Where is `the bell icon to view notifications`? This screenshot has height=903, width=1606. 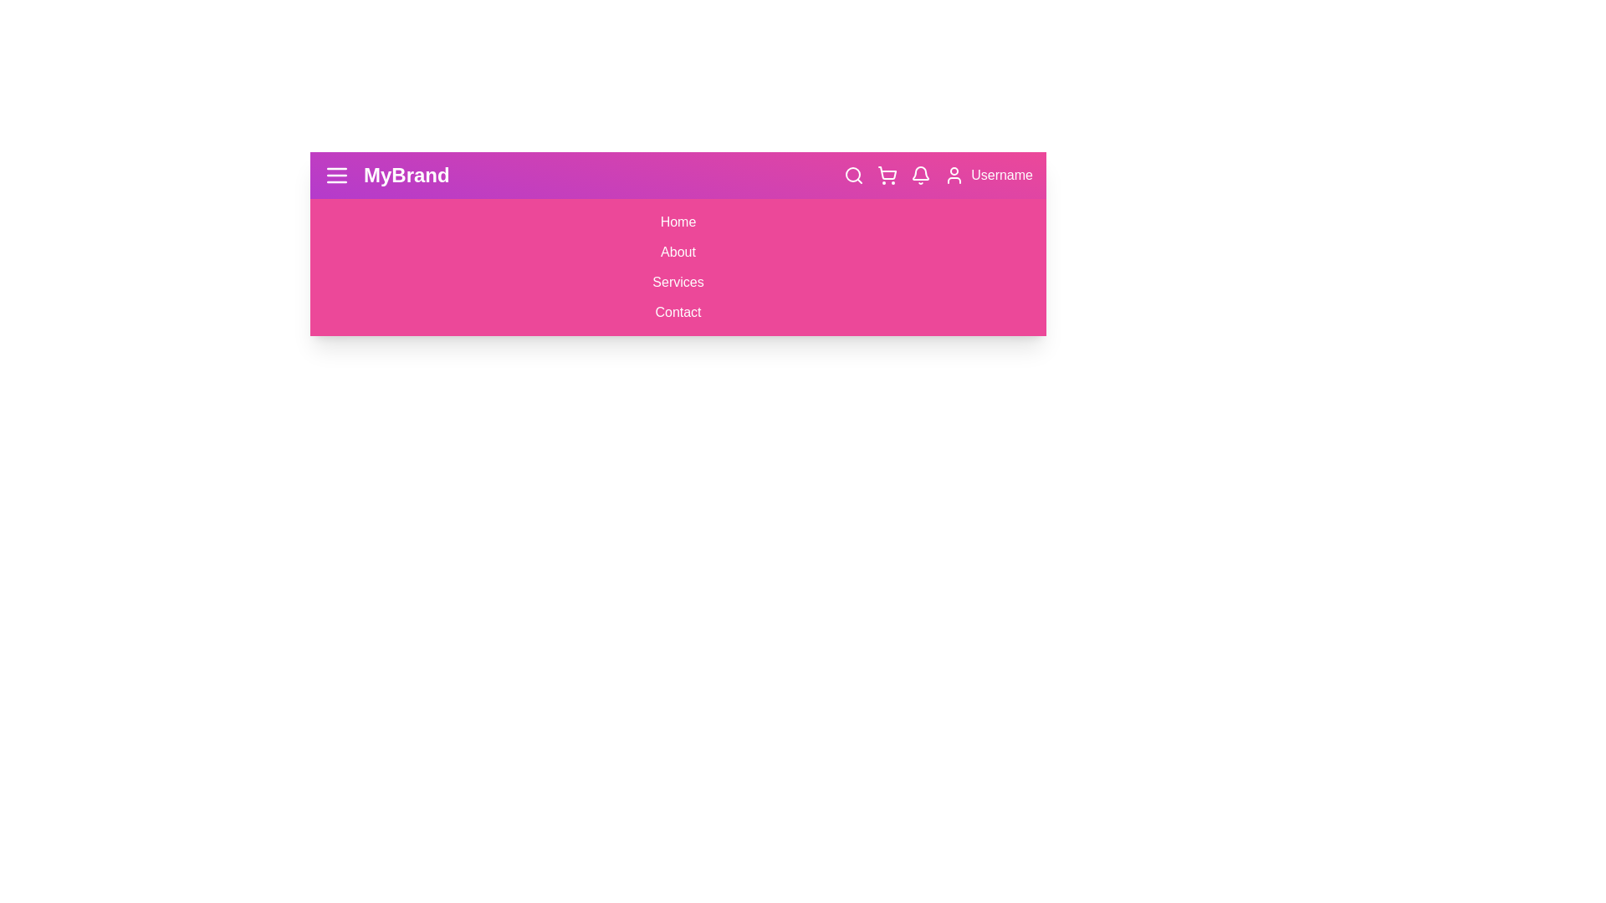
the bell icon to view notifications is located at coordinates (919, 175).